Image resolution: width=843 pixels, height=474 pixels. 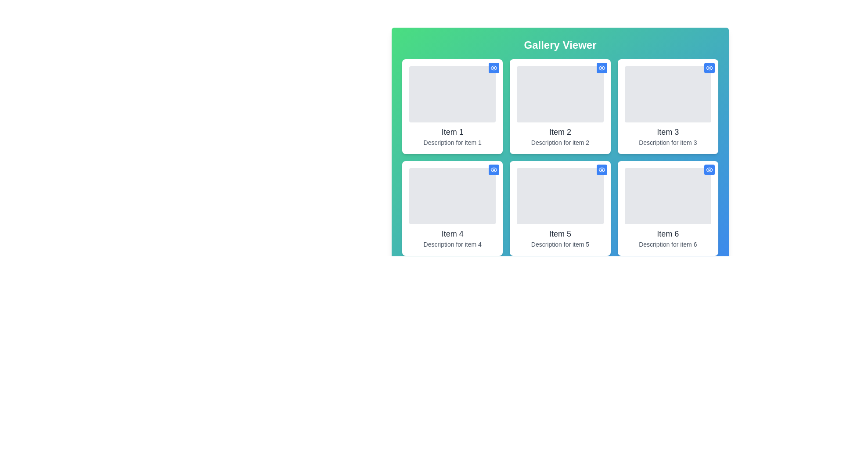 What do you see at coordinates (710, 67) in the screenshot?
I see `the eye-shaped icon, which represents visibility, located at the top-right of the card labeled 'Item 3'` at bounding box center [710, 67].